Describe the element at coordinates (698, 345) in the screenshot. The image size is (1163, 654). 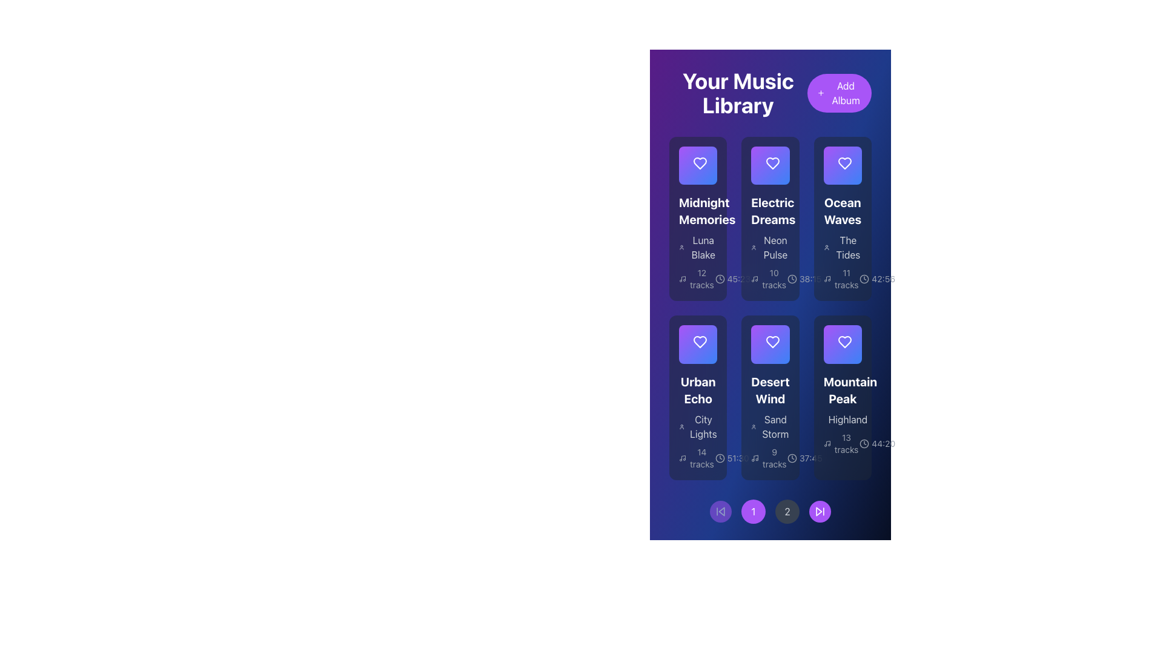
I see `the 'like' or 'favorite' button located in the middle row, leftmost column of the 'Urban Echo' card element` at that location.